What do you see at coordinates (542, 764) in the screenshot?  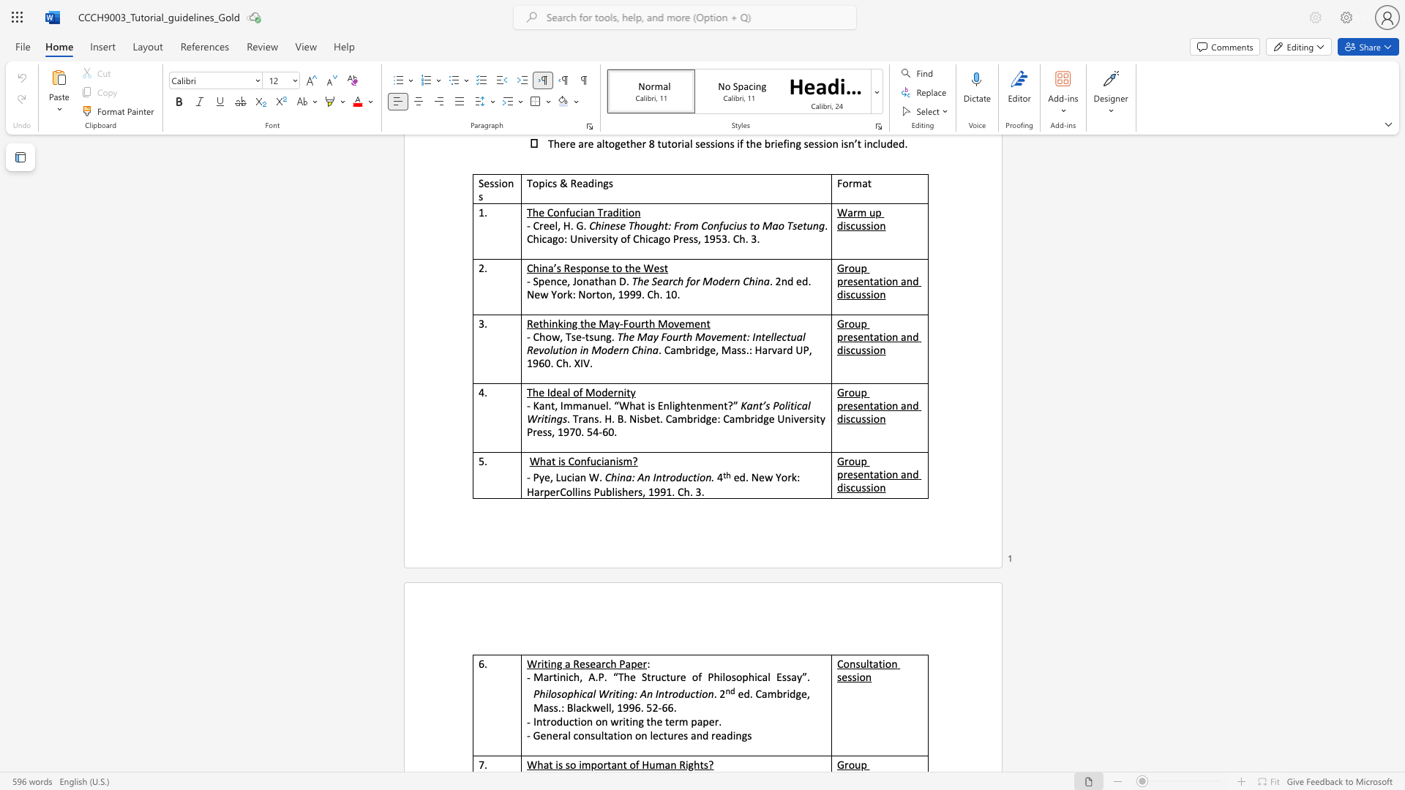 I see `the subset text "at is so important of Human Right" within the text "What is so important of Human Rights?"` at bounding box center [542, 764].